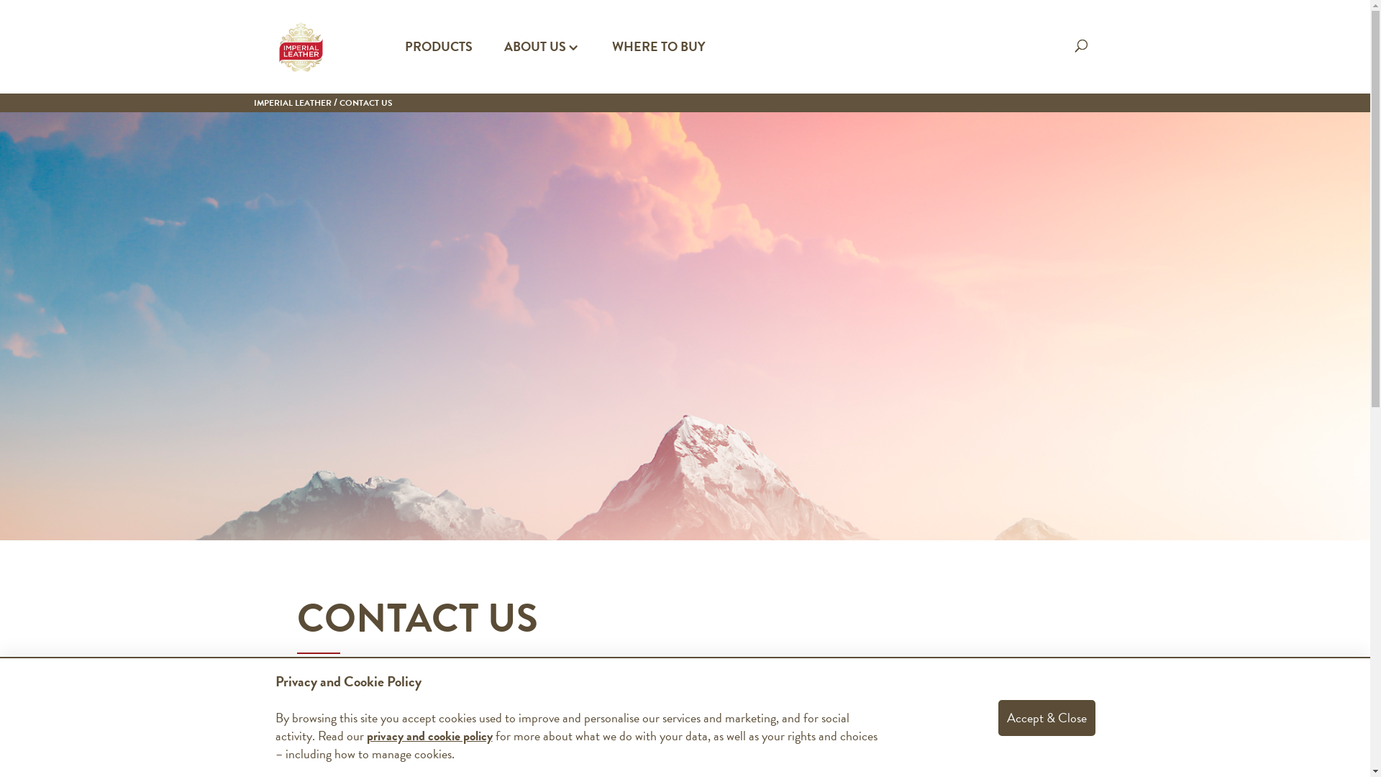 This screenshot has width=1381, height=777. I want to click on 'Mountains image', so click(684, 326).